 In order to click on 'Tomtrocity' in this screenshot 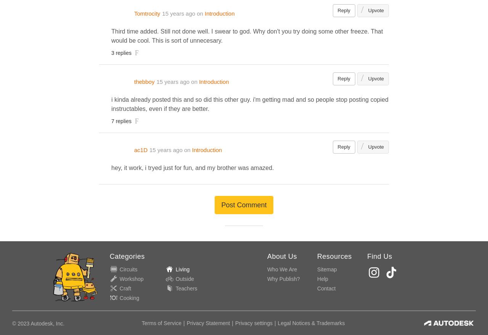, I will do `click(134, 13)`.